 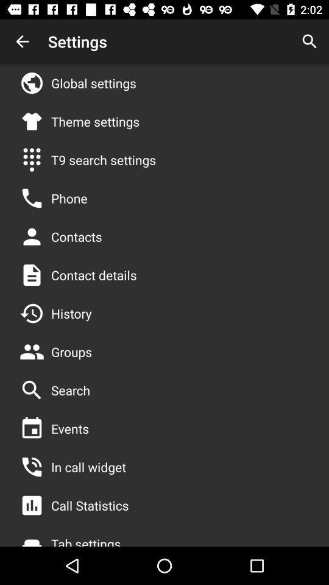 I want to click on in call widget item, so click(x=88, y=466).